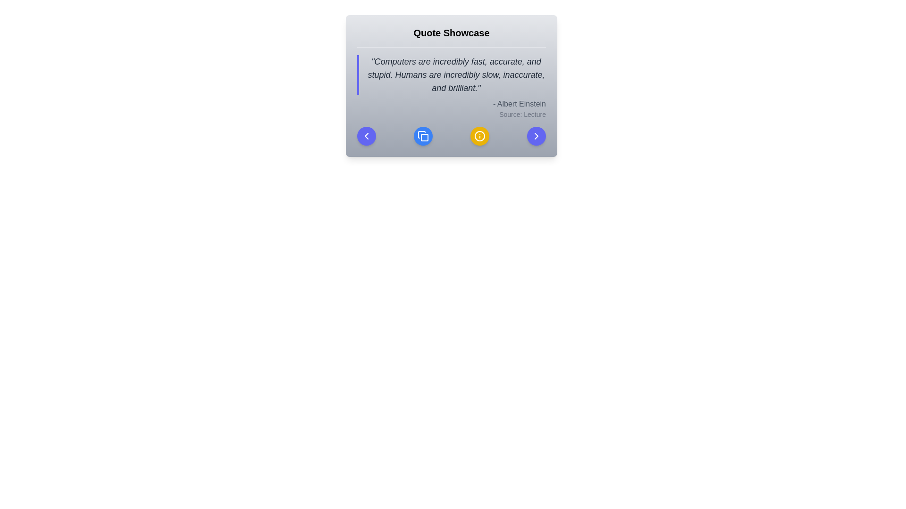  What do you see at coordinates (480, 136) in the screenshot?
I see `the circular icon button at the center of the bottom section of the card interface` at bounding box center [480, 136].